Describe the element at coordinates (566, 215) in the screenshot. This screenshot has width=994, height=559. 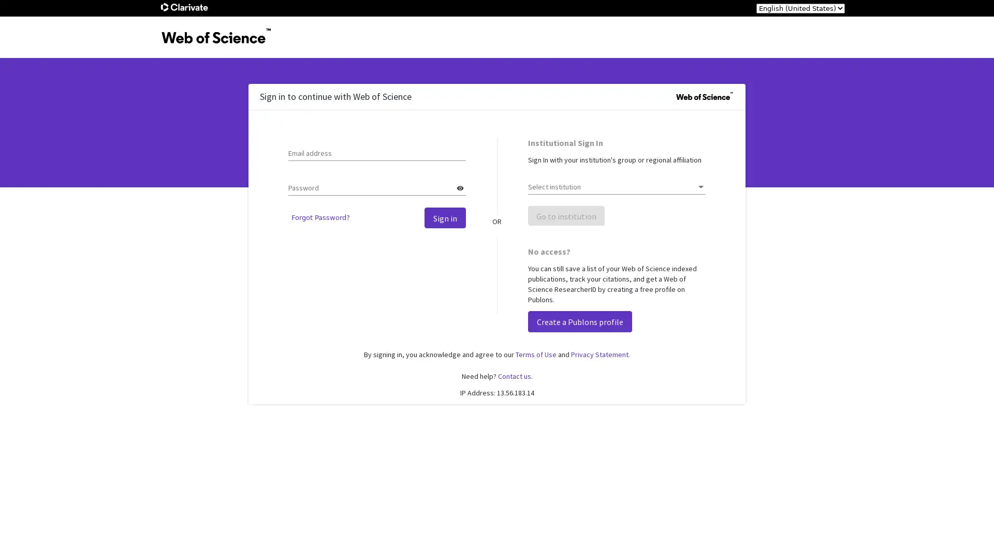
I see `Go to institution` at that location.